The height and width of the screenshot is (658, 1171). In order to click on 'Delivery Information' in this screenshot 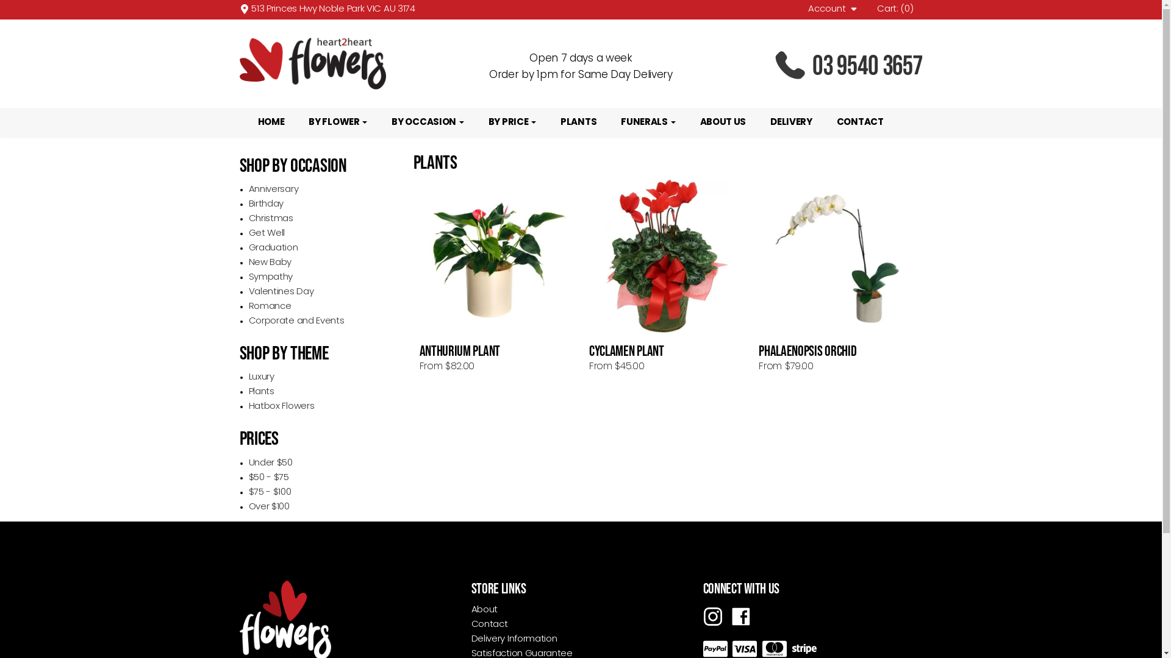, I will do `click(514, 639)`.